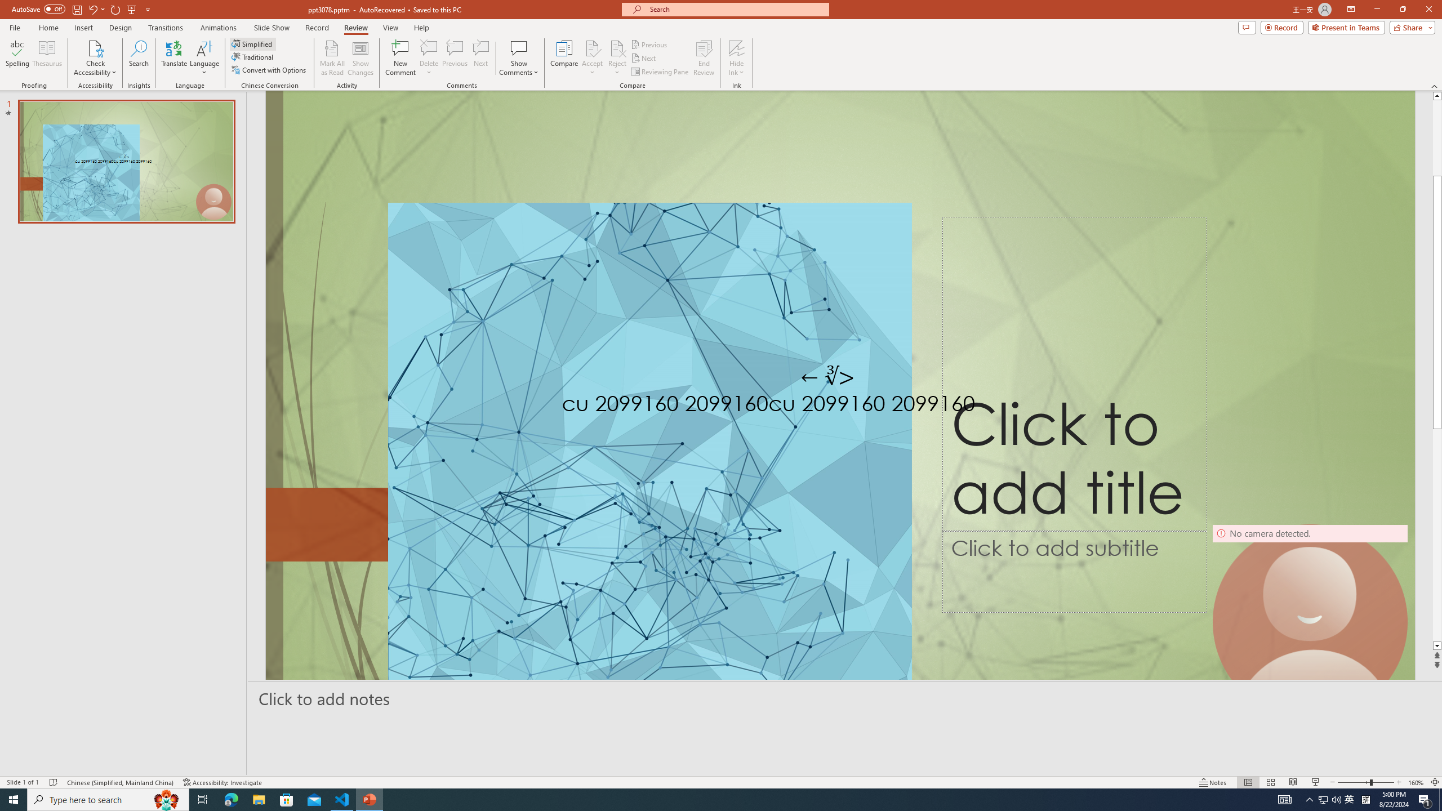 This screenshot has height=811, width=1442. Describe the element at coordinates (1417, 782) in the screenshot. I see `'Zoom 160%'` at that location.